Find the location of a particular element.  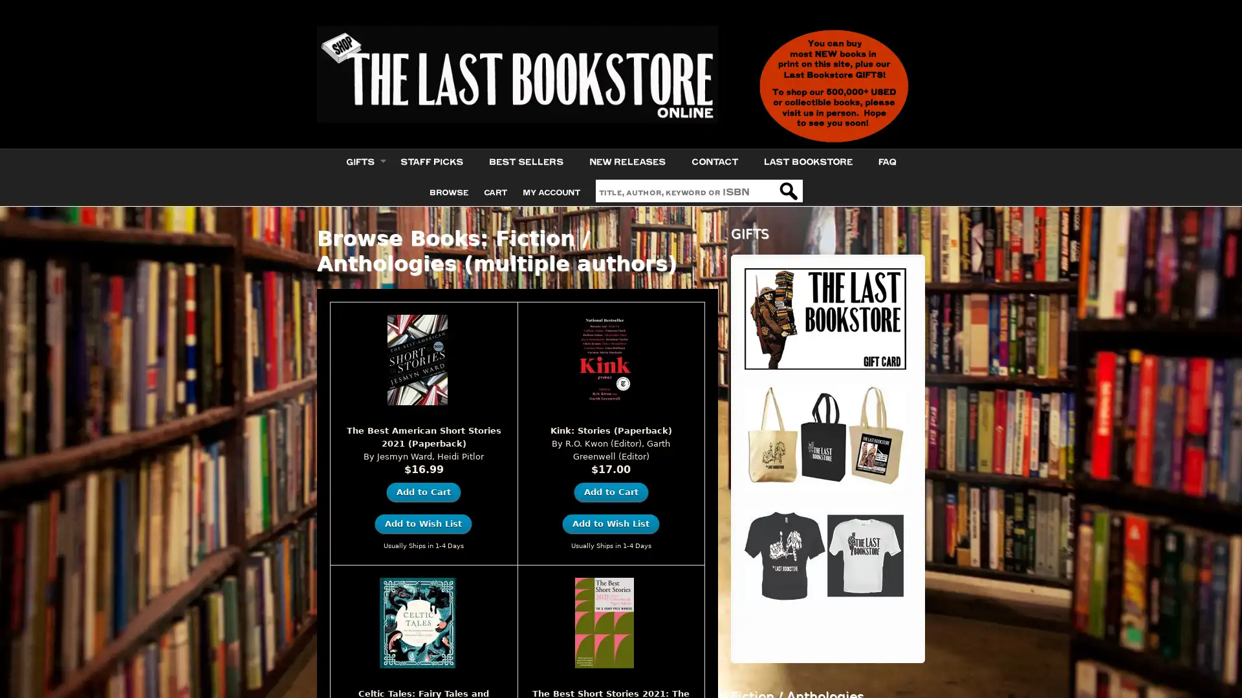

Add to Cart is located at coordinates (423, 491).